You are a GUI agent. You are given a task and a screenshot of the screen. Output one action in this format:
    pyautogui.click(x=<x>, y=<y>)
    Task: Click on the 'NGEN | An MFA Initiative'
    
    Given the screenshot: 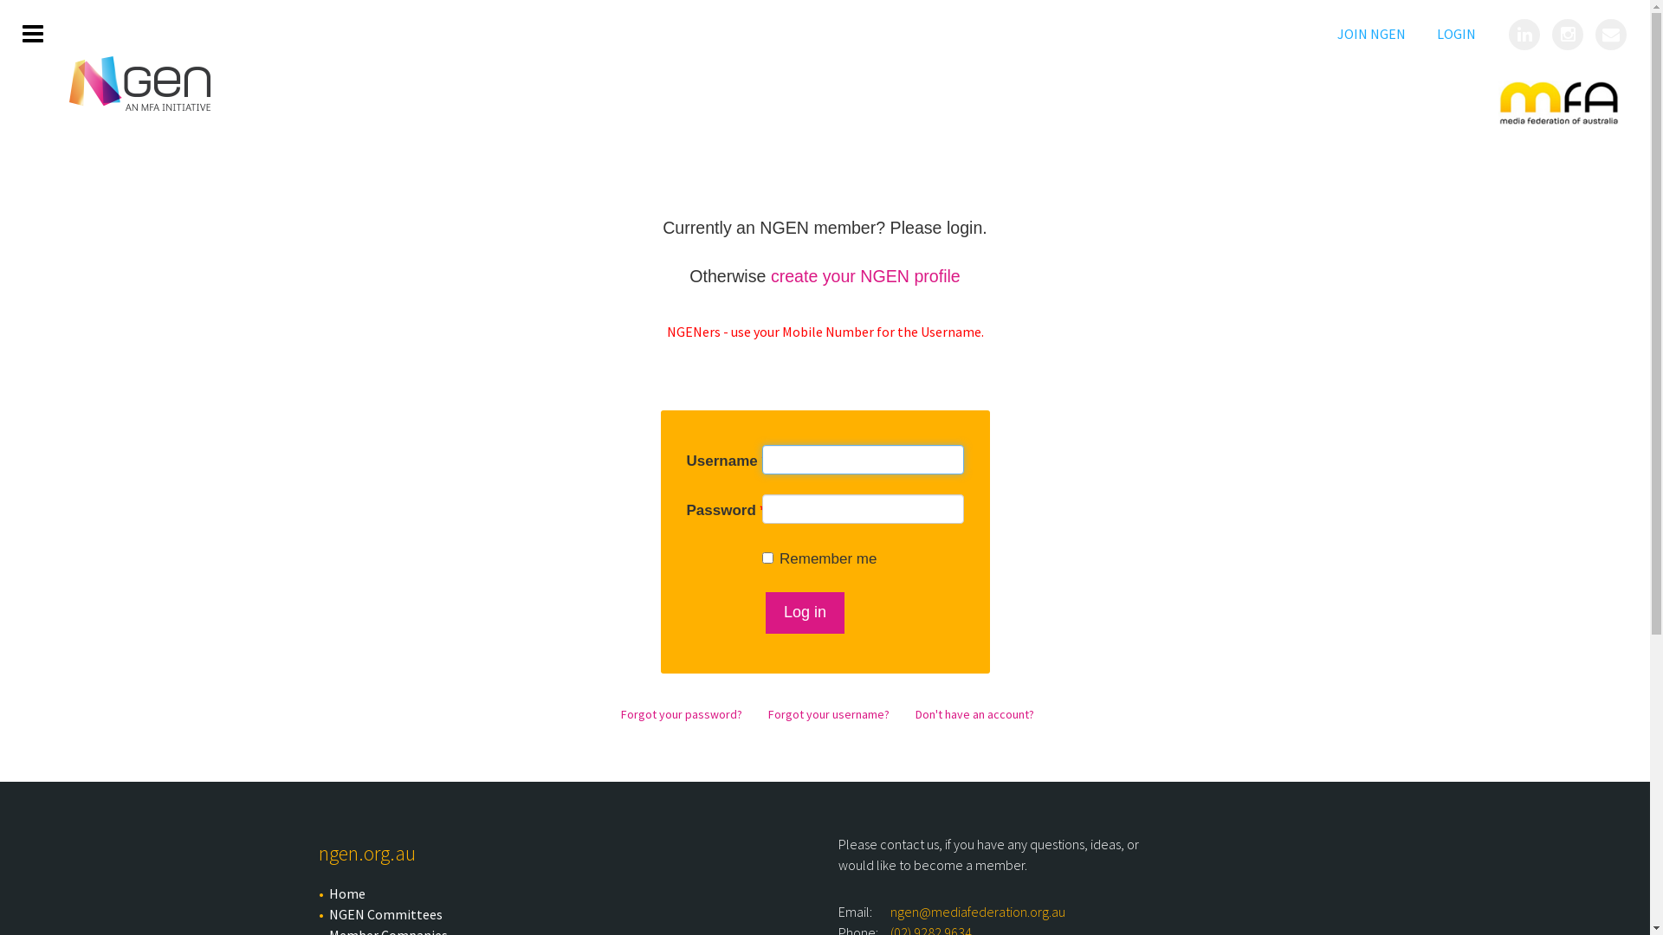 What is the action you would take?
    pyautogui.click(x=139, y=83)
    